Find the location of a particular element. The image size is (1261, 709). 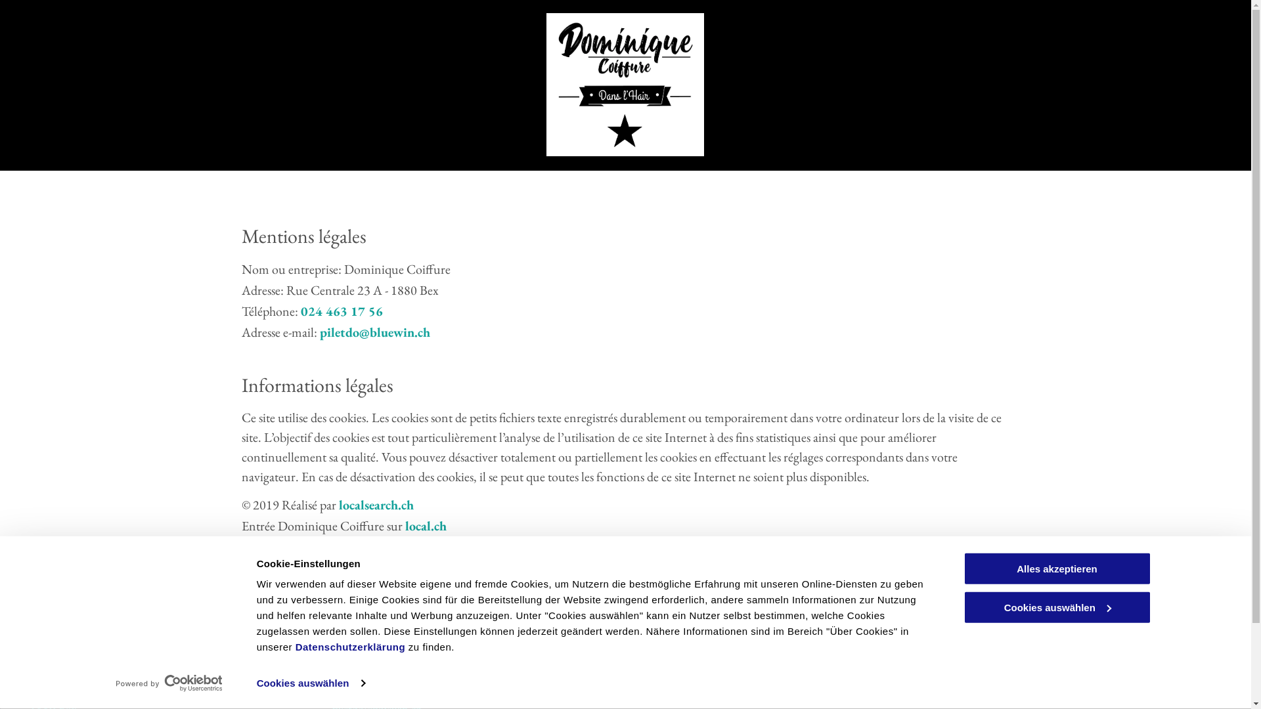

'piletdo@b' is located at coordinates (347, 331).